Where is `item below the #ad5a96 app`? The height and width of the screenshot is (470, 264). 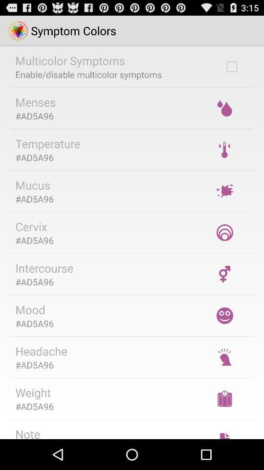
item below the #ad5a96 app is located at coordinates (41, 351).